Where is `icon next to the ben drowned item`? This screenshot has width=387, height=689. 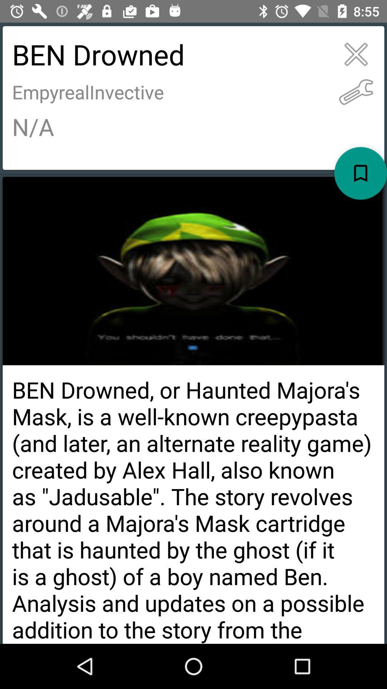
icon next to the ben drowned item is located at coordinates (356, 54).